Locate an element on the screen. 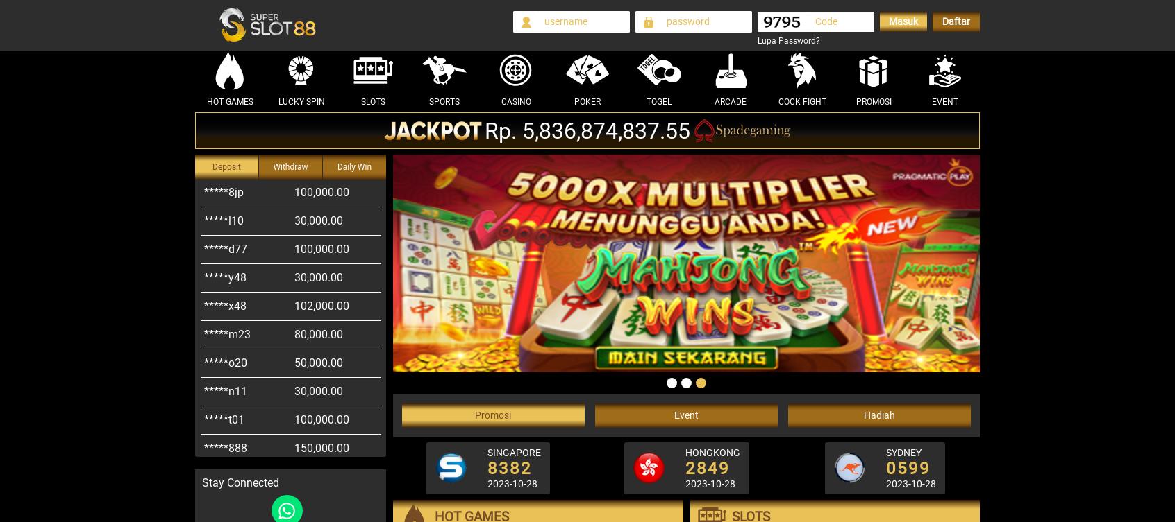  '150,000.00' is located at coordinates (321, 419).